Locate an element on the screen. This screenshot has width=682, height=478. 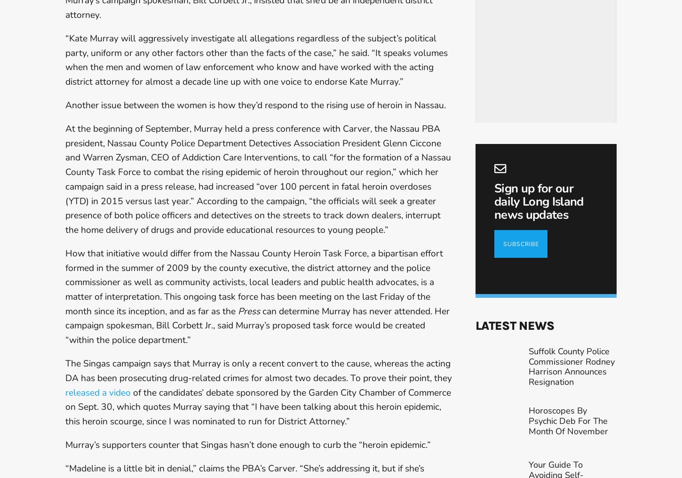
'Sign up for our daily Long Island news updates' is located at coordinates (538, 217).